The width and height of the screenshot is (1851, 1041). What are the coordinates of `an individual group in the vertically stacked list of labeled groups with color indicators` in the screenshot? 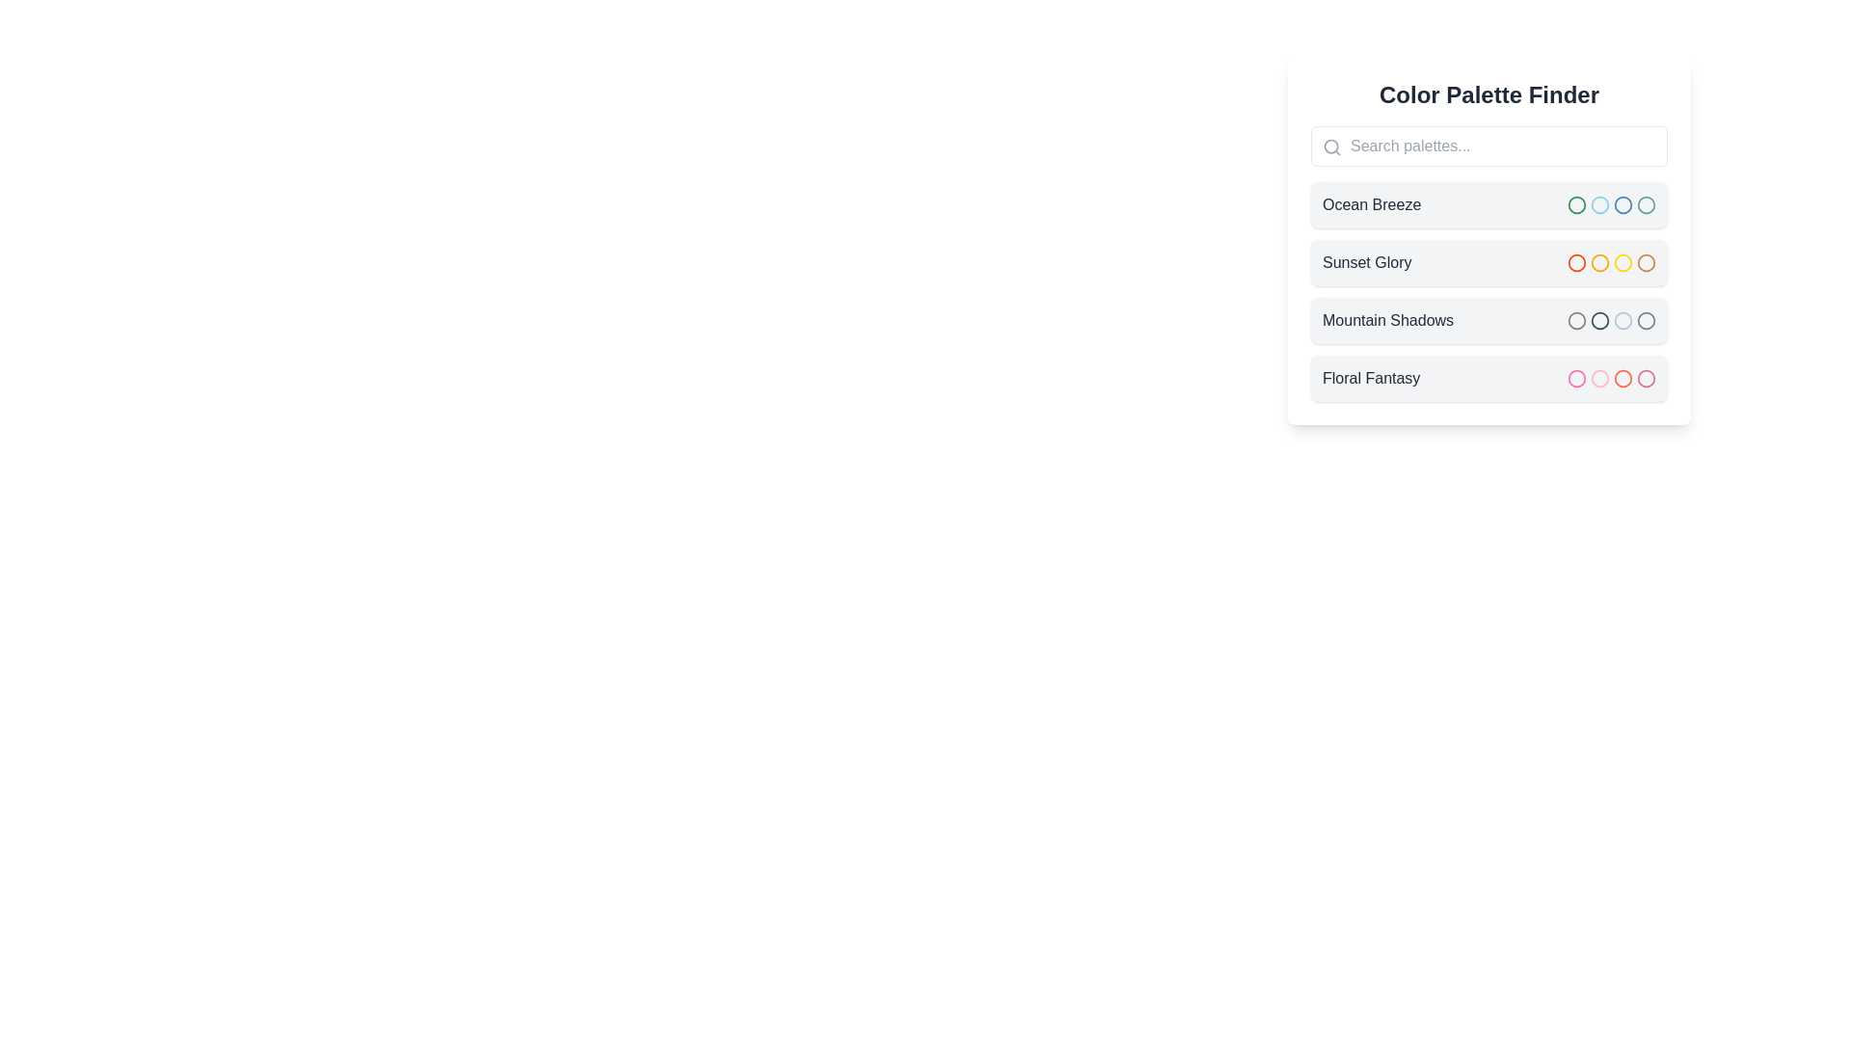 It's located at (1489, 292).